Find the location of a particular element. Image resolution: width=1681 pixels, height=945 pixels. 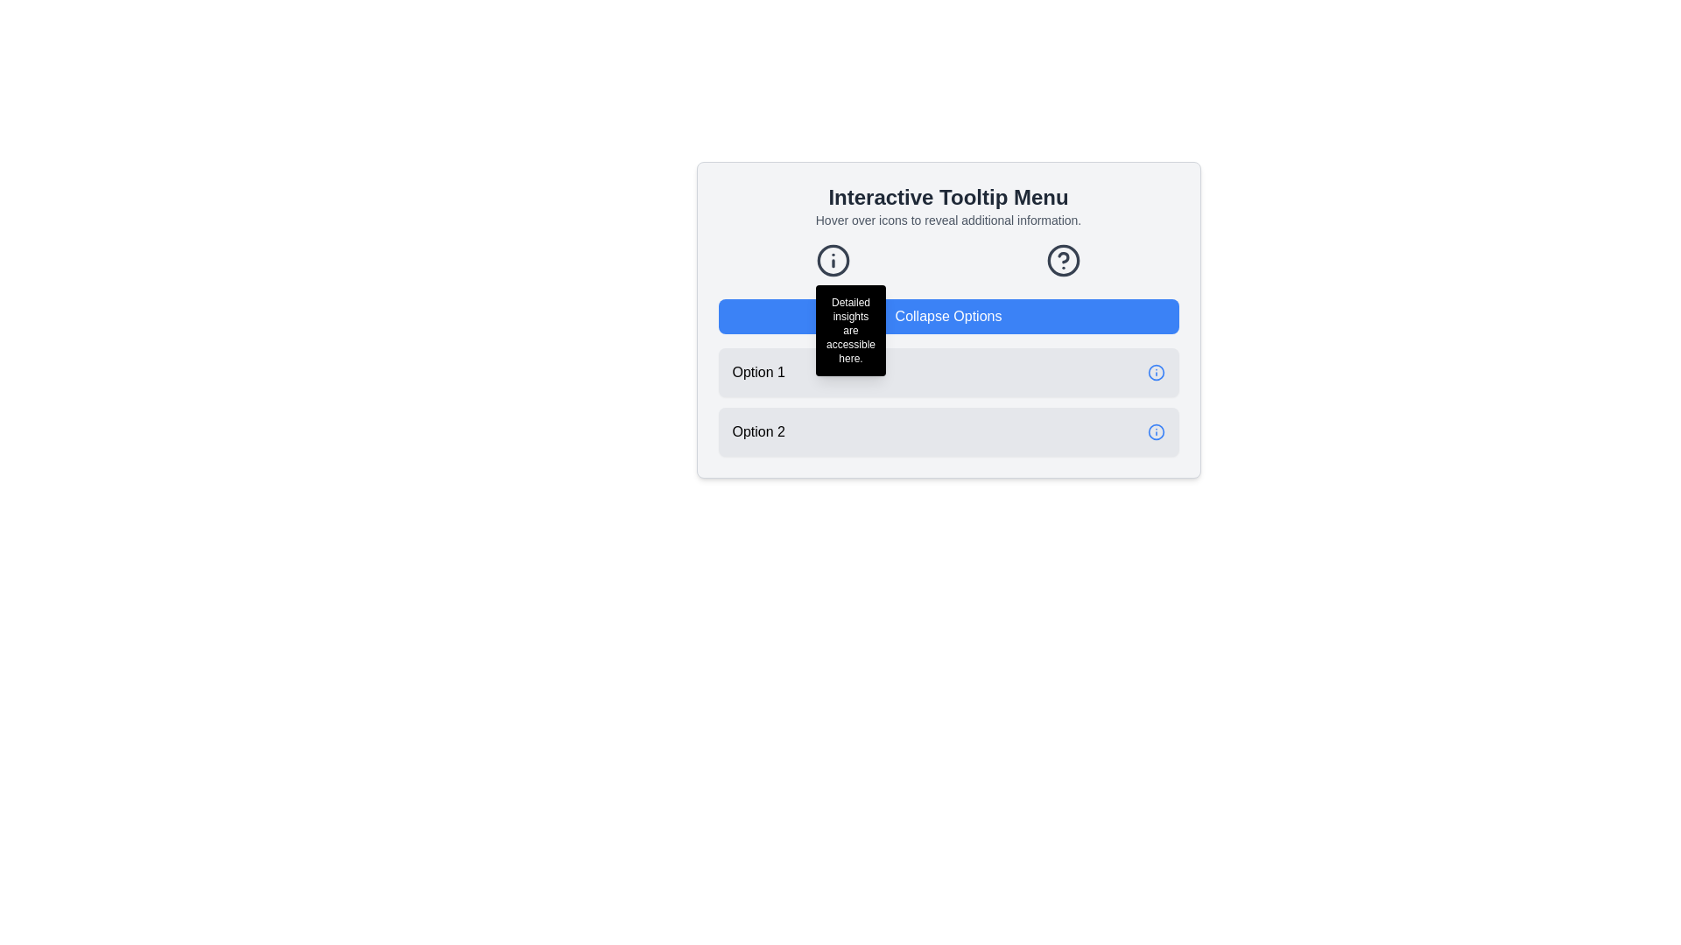

the information icon that contains the Decorative Circle, which is a circular shape with a solid outline, located at the upper central part of the interface is located at coordinates (832, 260).